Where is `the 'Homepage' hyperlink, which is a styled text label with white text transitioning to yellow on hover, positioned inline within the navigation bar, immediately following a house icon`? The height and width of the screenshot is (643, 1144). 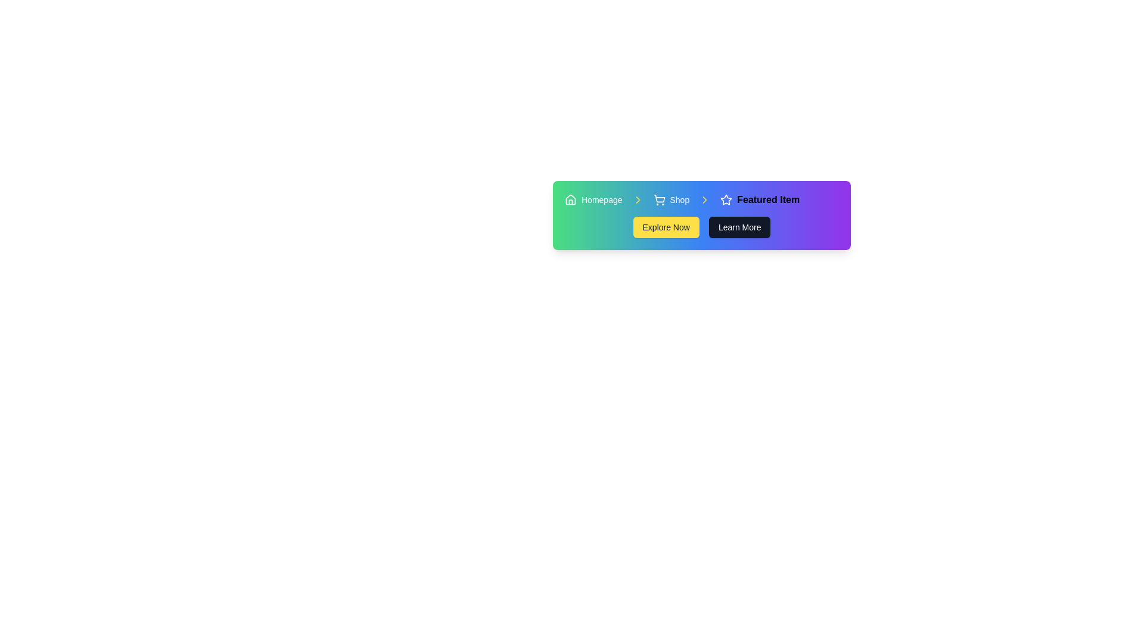 the 'Homepage' hyperlink, which is a styled text label with white text transitioning to yellow on hover, positioned inline within the navigation bar, immediately following a house icon is located at coordinates (602, 199).